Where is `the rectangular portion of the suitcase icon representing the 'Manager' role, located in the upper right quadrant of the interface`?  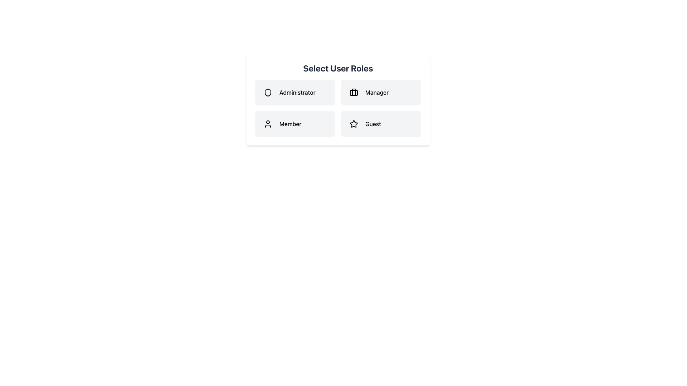 the rectangular portion of the suitcase icon representing the 'Manager' role, located in the upper right quadrant of the interface is located at coordinates (354, 92).